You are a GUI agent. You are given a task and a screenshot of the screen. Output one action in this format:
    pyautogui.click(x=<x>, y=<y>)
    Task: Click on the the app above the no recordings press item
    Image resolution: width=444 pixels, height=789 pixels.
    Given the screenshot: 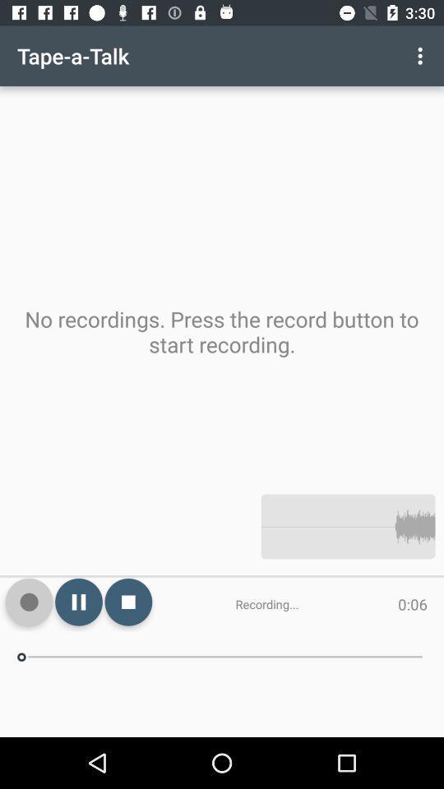 What is the action you would take?
    pyautogui.click(x=422, y=56)
    